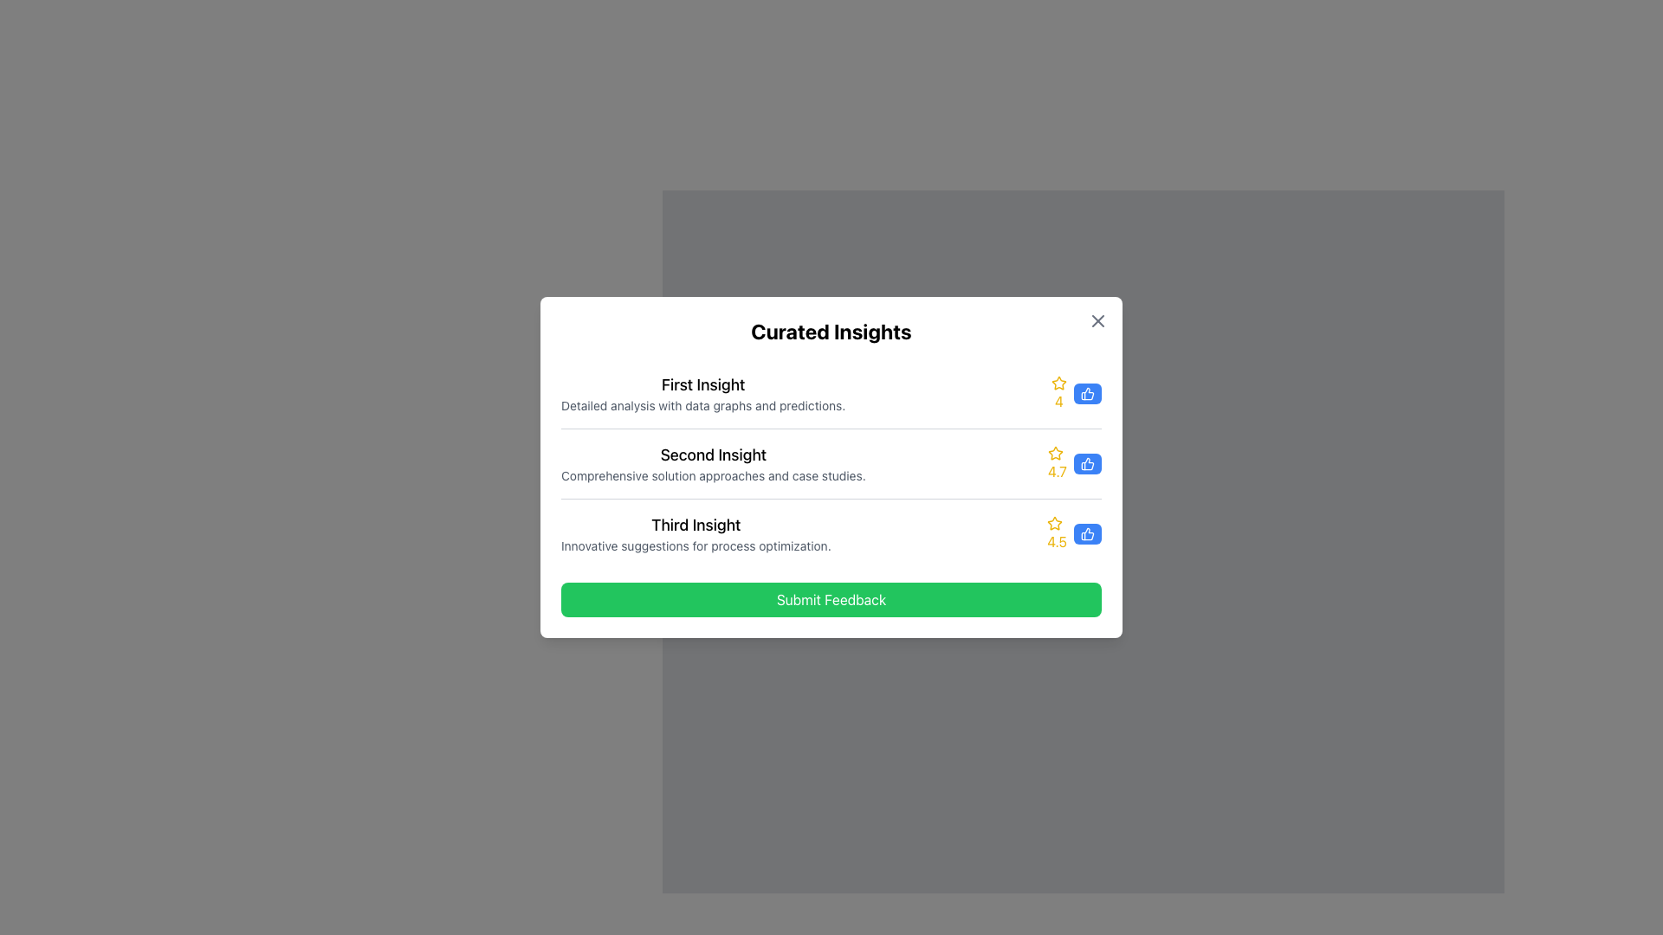 The image size is (1663, 935). Describe the element at coordinates (831, 532) in the screenshot. I see `the composite list item titled 'Third Insight'` at that location.